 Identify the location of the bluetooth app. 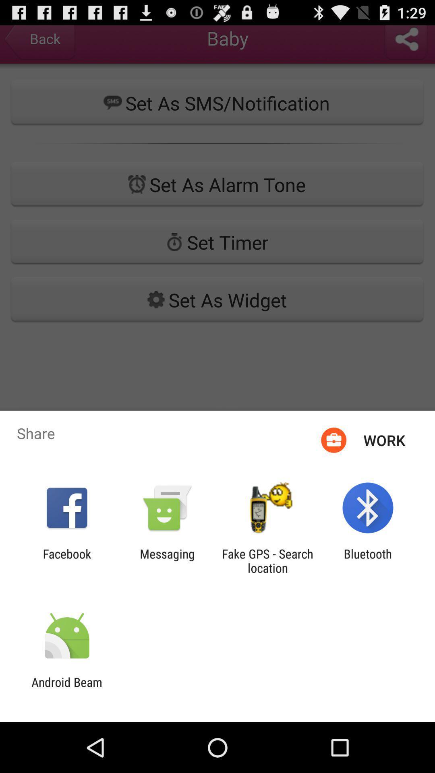
(368, 560).